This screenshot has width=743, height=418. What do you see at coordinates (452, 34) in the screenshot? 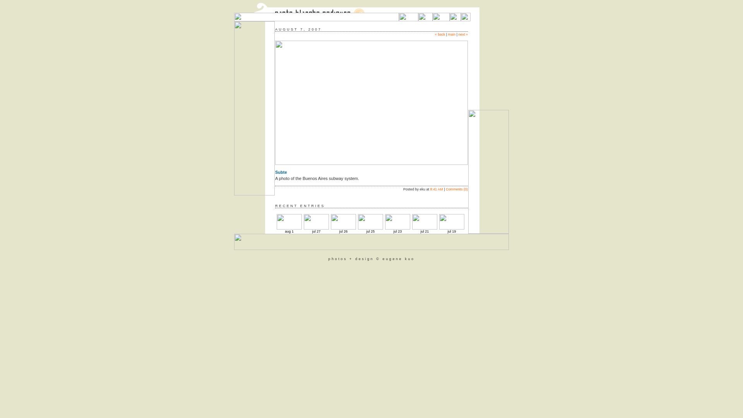
I see `'main'` at bounding box center [452, 34].